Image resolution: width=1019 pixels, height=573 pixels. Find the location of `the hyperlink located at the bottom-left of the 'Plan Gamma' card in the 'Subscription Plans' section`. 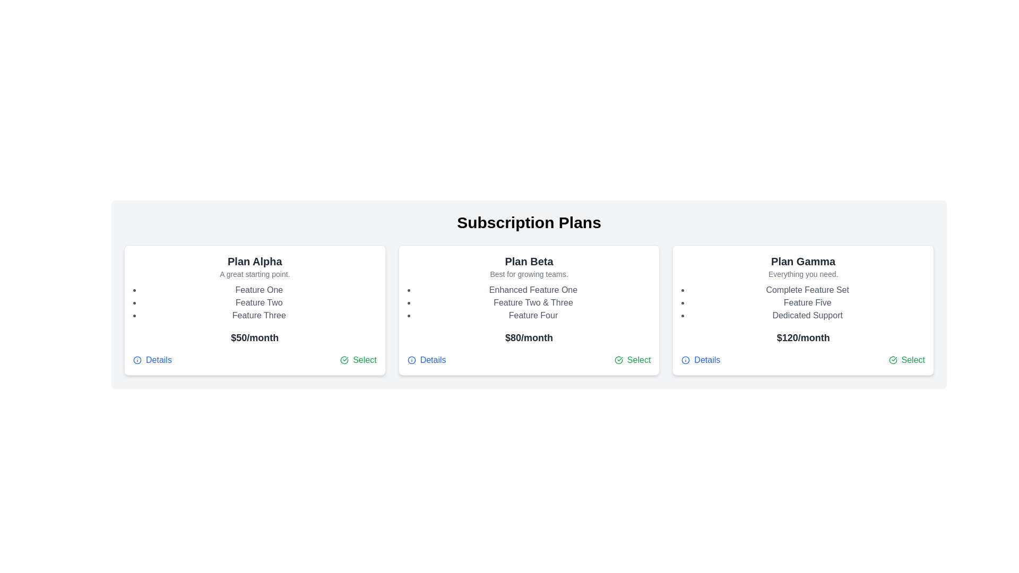

the hyperlink located at the bottom-left of the 'Plan Gamma' card in the 'Subscription Plans' section is located at coordinates (701, 359).